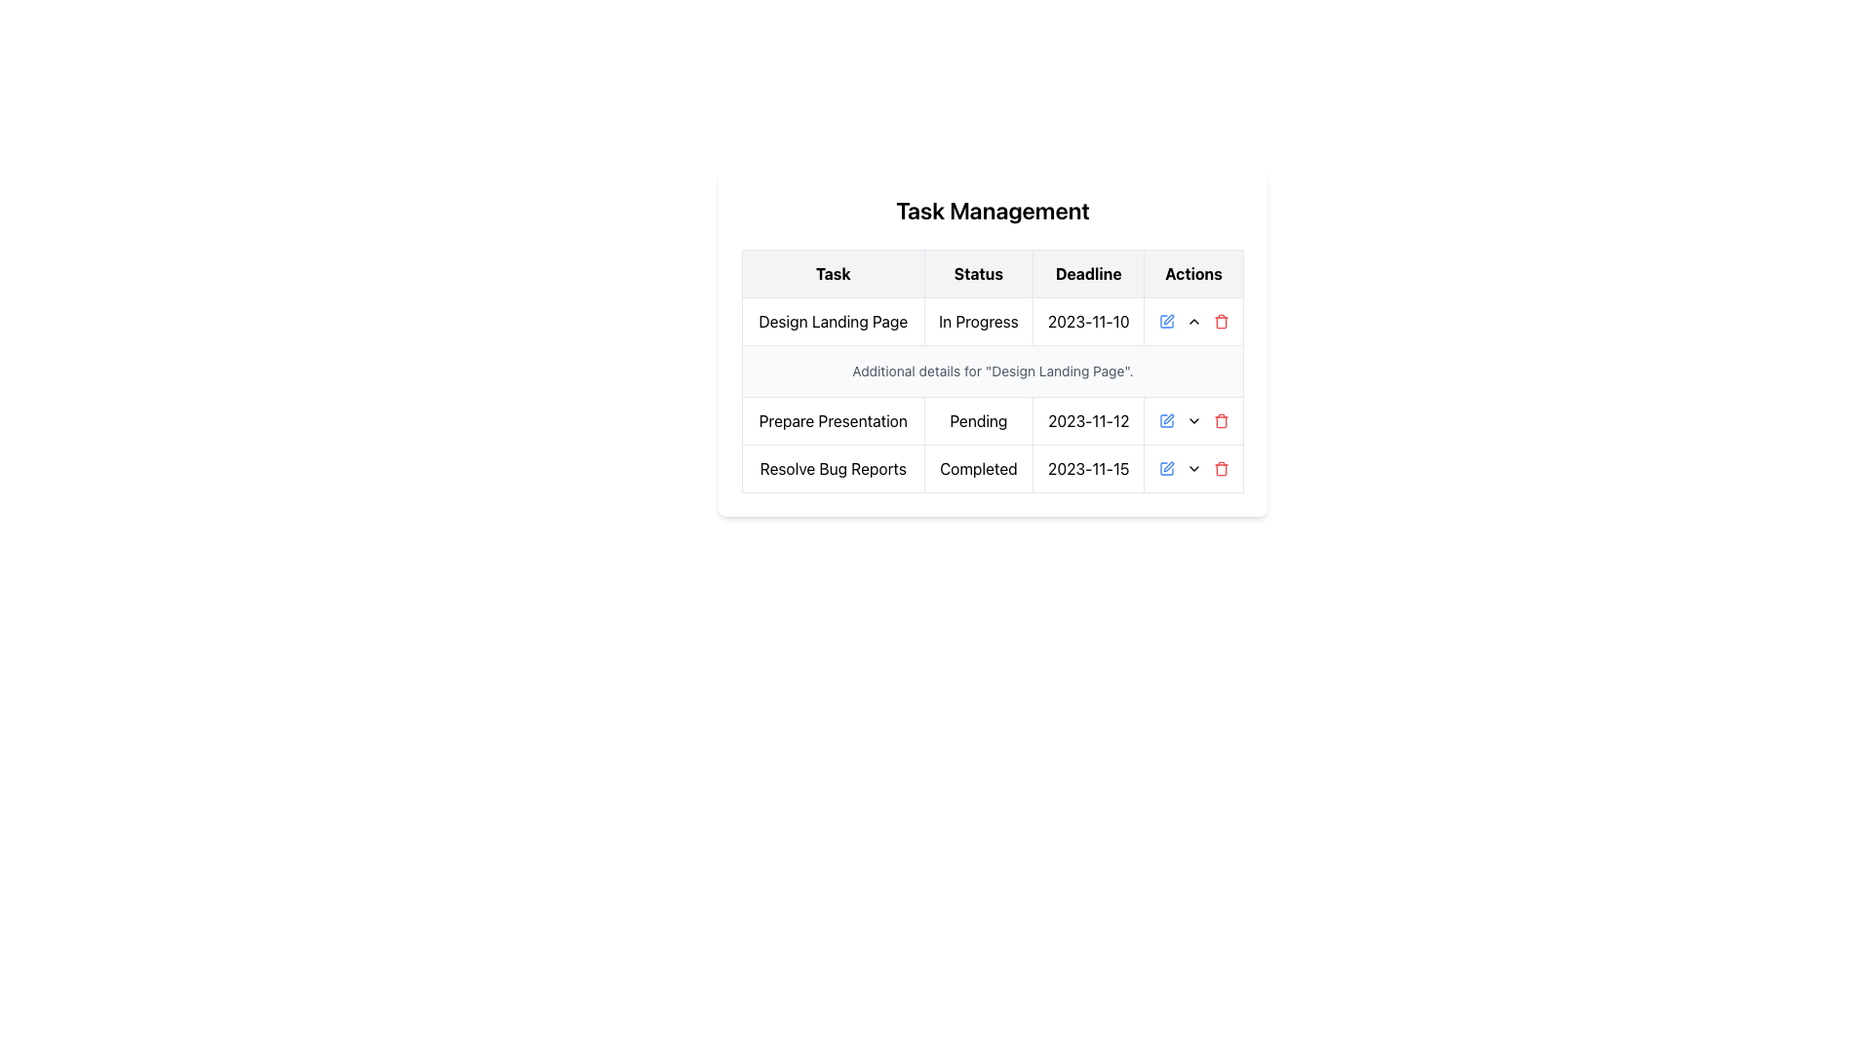 The height and width of the screenshot is (1053, 1872). What do you see at coordinates (1220, 321) in the screenshot?
I see `the red trash bin icon button at the rightmost position of the 'Actions' column` at bounding box center [1220, 321].